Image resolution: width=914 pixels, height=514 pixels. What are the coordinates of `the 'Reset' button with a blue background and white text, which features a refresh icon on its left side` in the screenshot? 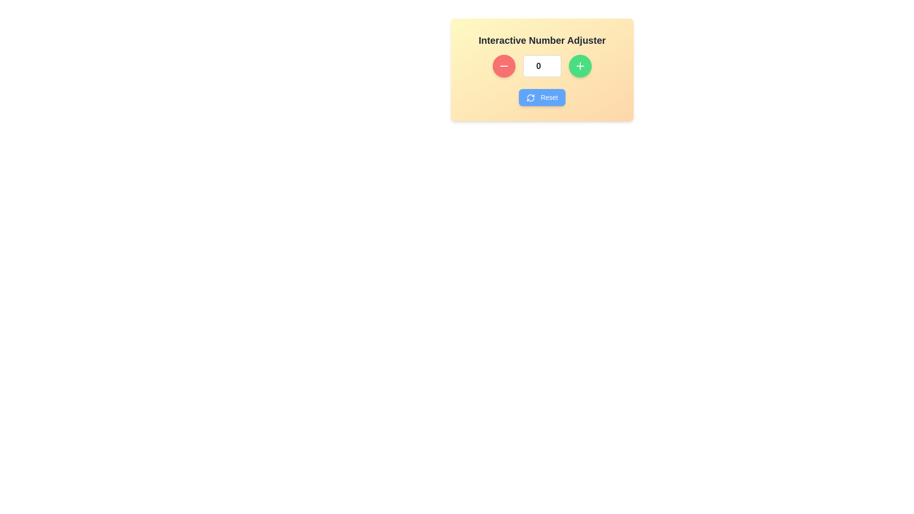 It's located at (542, 97).